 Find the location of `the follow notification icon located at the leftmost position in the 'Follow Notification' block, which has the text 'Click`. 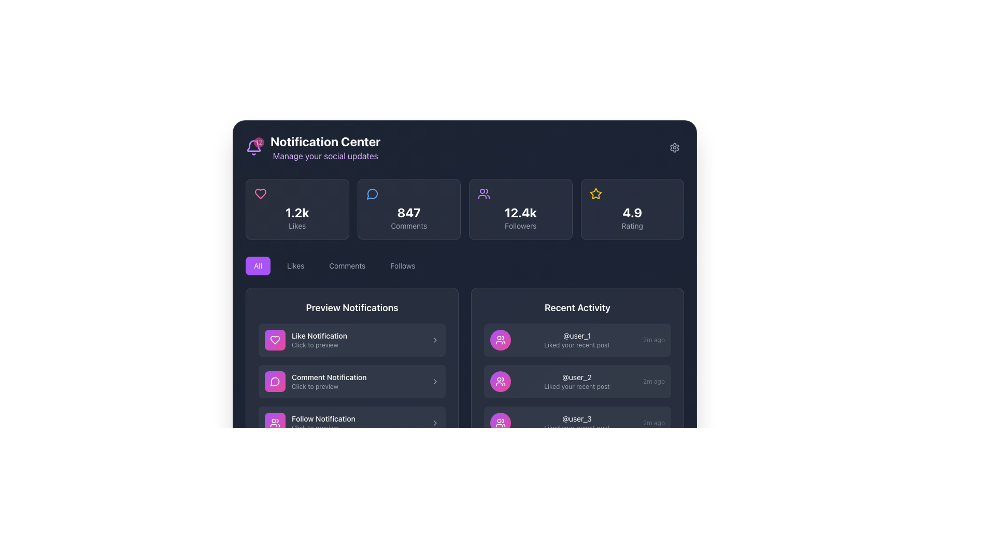

the follow notification icon located at the leftmost position in the 'Follow Notification' block, which has the text 'Click is located at coordinates (275, 423).